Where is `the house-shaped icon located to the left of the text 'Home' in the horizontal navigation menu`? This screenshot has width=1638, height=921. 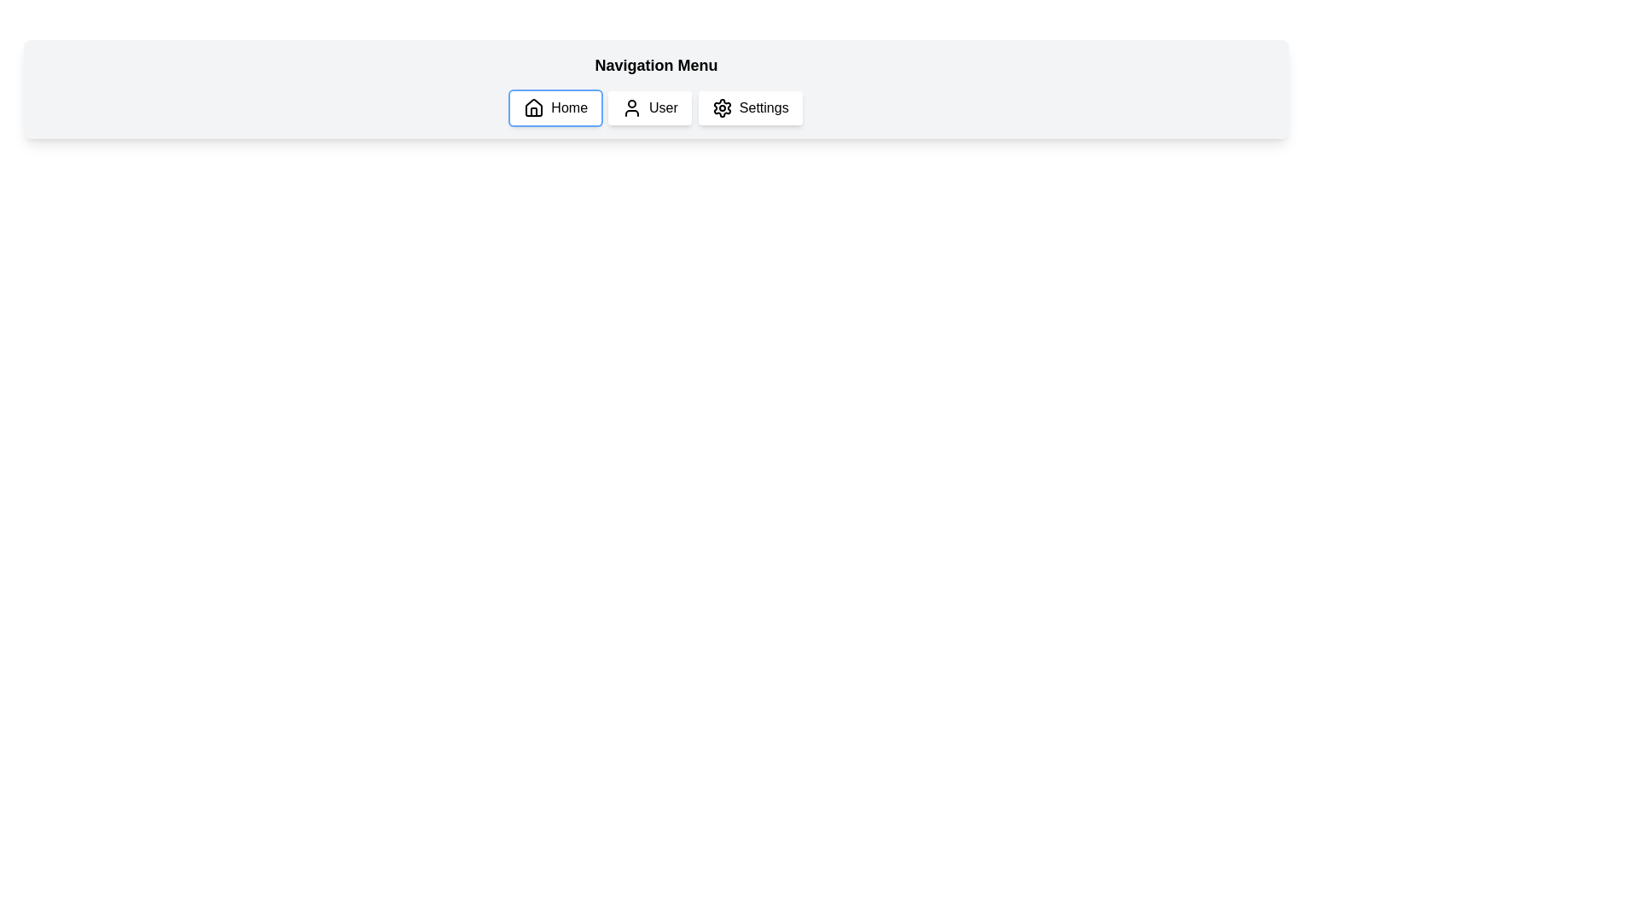 the house-shaped icon located to the left of the text 'Home' in the horizontal navigation menu is located at coordinates (533, 108).